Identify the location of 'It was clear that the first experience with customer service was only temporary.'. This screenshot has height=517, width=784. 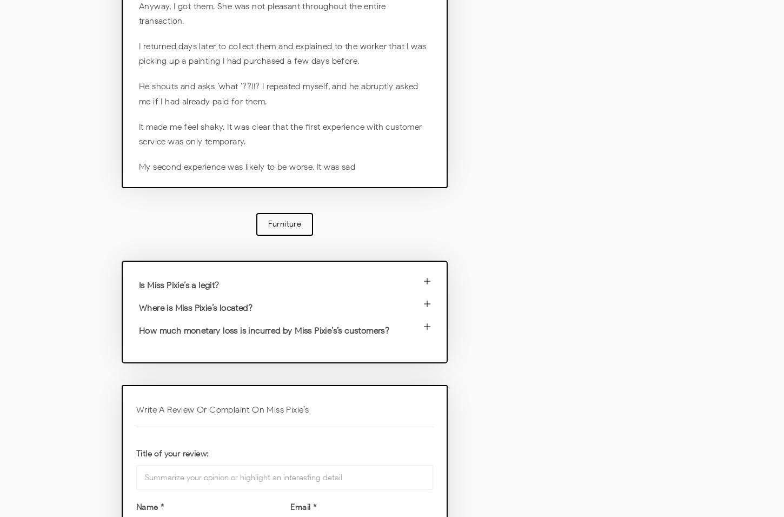
(280, 133).